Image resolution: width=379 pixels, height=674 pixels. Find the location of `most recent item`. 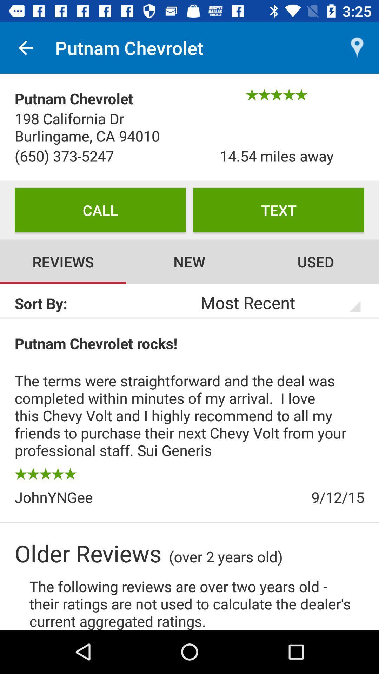

most recent item is located at coordinates (271, 302).